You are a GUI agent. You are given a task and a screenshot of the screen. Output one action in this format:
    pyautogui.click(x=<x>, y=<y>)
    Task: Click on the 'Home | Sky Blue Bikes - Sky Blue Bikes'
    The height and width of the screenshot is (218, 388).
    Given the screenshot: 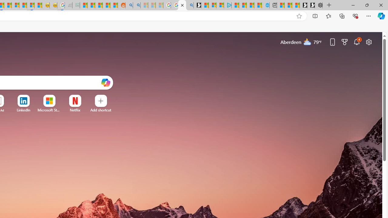 What is the action you would take?
    pyautogui.click(x=266, y=5)
    